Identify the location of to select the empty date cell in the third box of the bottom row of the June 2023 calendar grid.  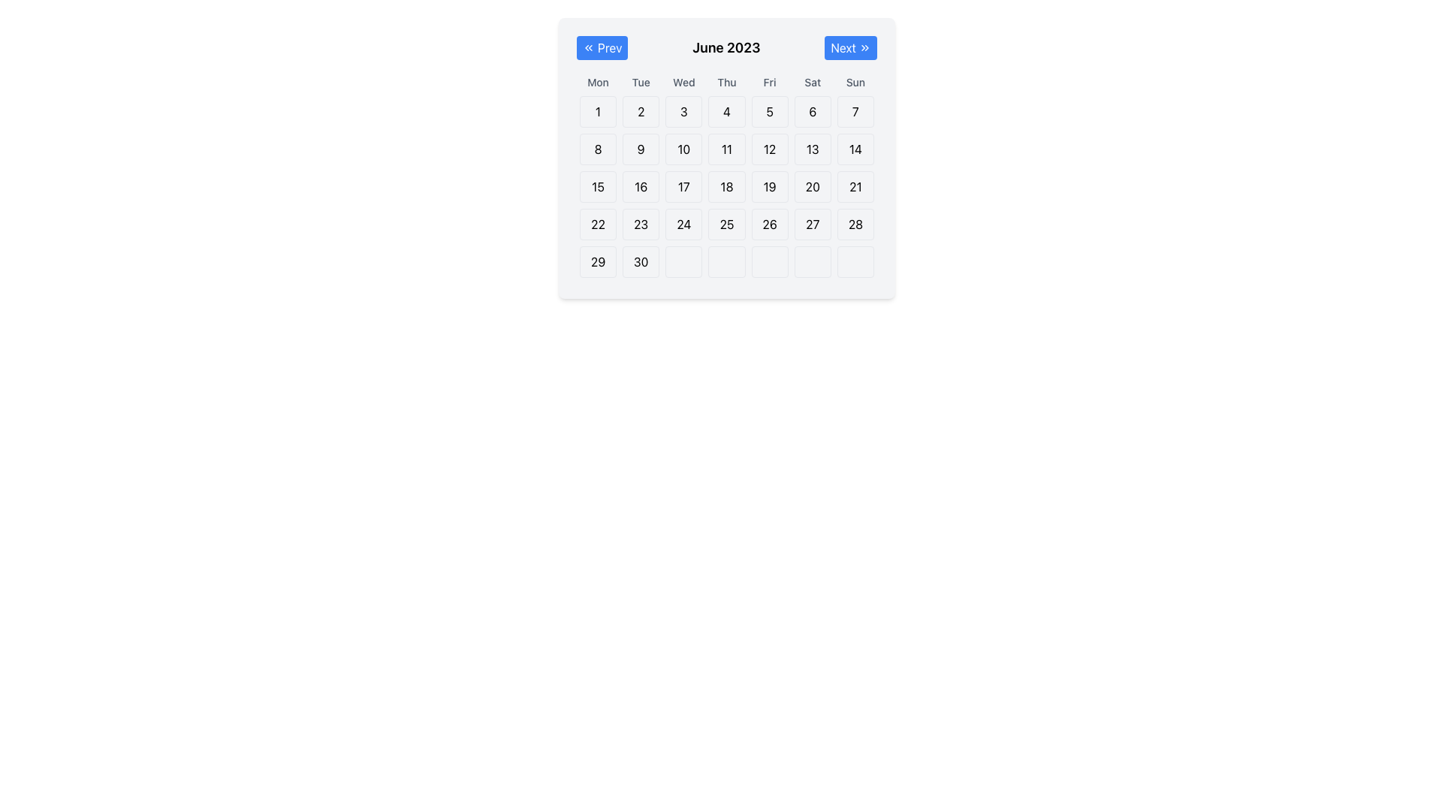
(683, 261).